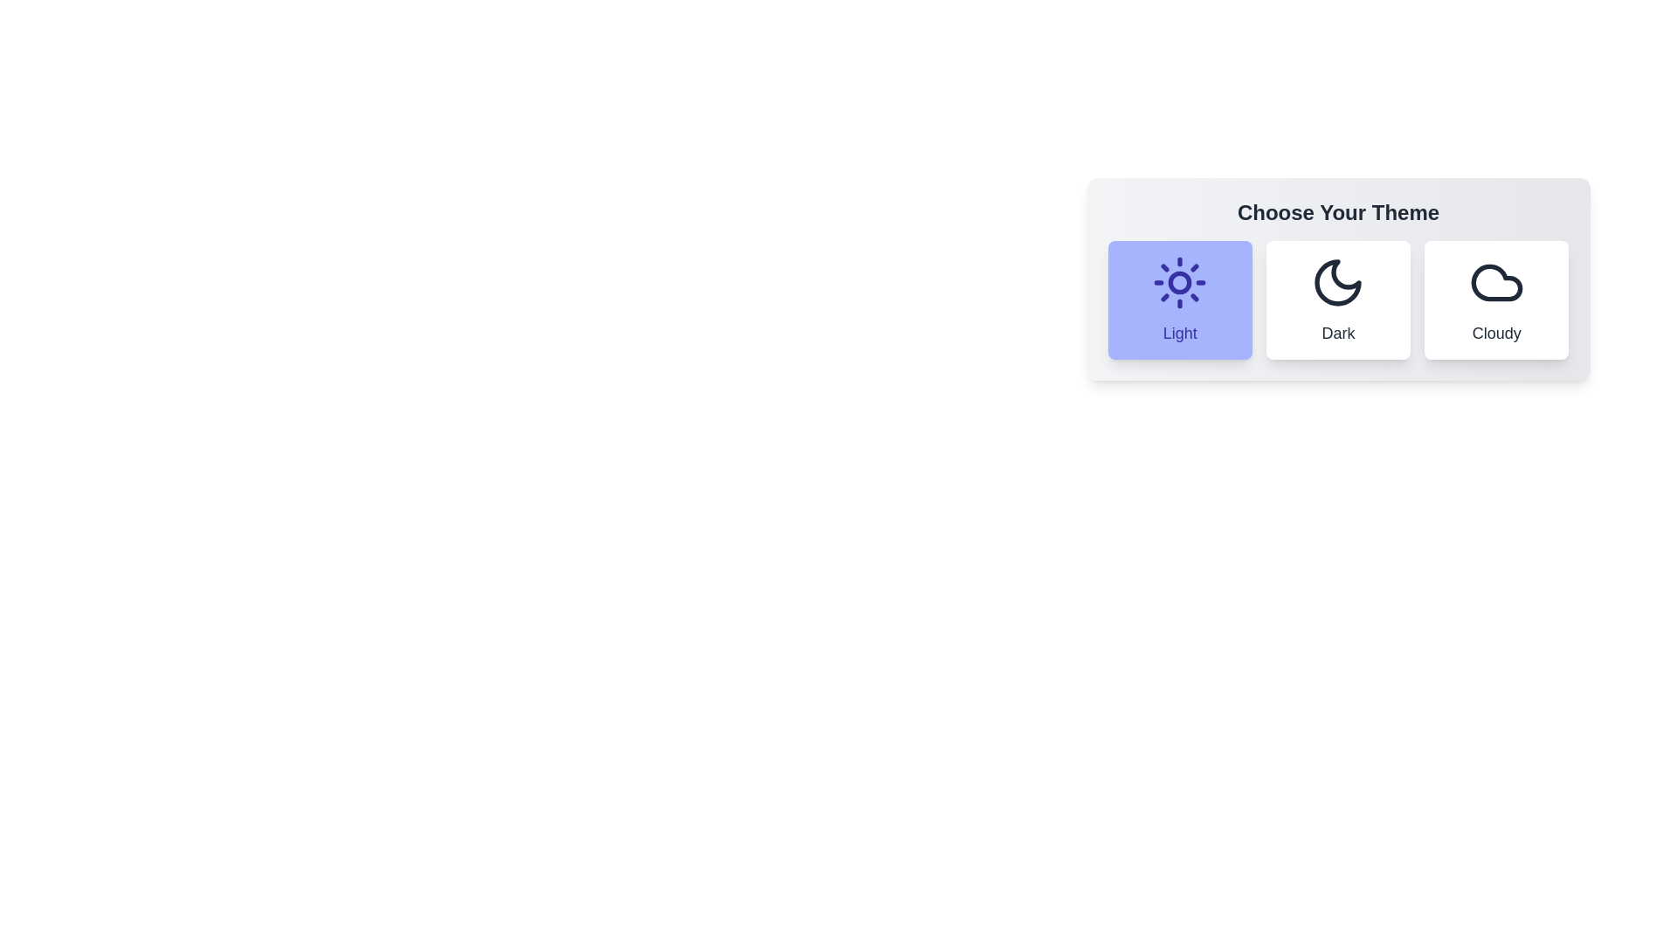 The height and width of the screenshot is (943, 1677). I want to click on the icon for the 'Dark' theme option in the theme selector interface, so click(1337, 282).